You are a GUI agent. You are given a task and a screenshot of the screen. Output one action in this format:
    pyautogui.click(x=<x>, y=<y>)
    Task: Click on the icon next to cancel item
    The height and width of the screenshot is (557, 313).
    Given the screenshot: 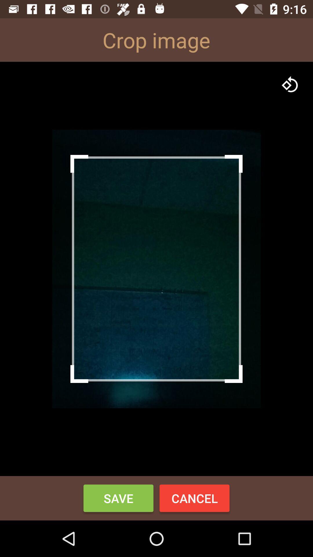 What is the action you would take?
    pyautogui.click(x=118, y=498)
    